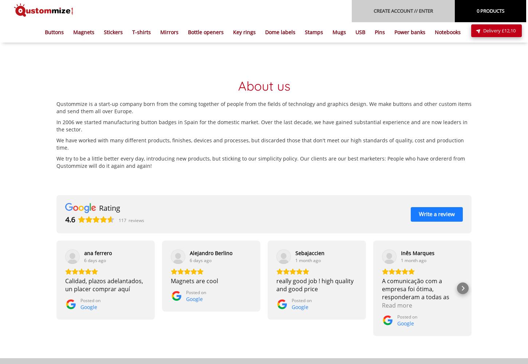  What do you see at coordinates (397, 305) in the screenshot?
I see `'Read more'` at bounding box center [397, 305].